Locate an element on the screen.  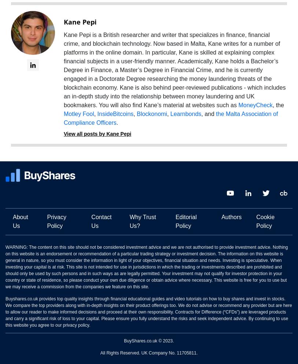
'Kane Pepi' is located at coordinates (80, 21).